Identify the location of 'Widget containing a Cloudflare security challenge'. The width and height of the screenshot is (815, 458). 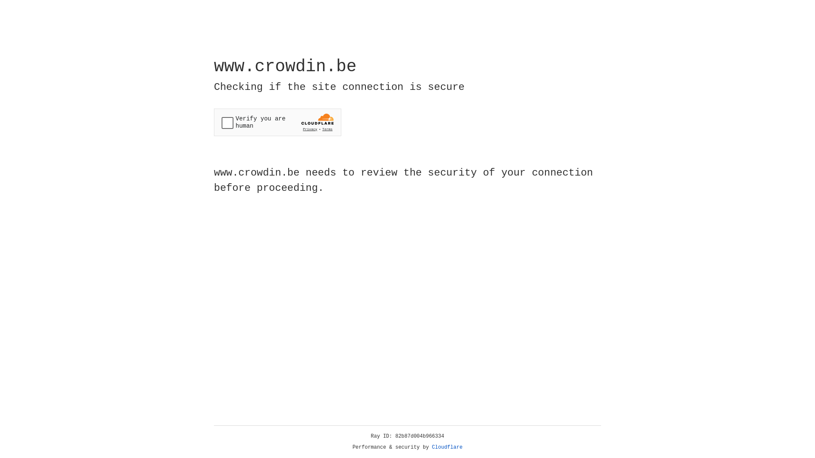
(277, 122).